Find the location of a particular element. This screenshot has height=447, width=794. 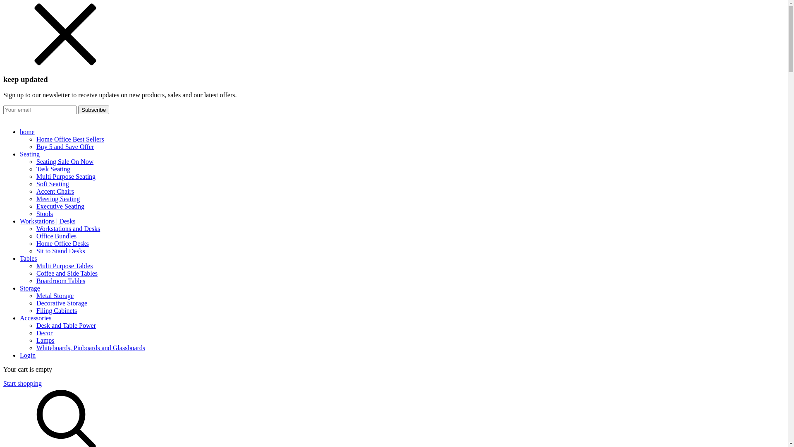

'Sit to Stand Desks' is located at coordinates (60, 250).